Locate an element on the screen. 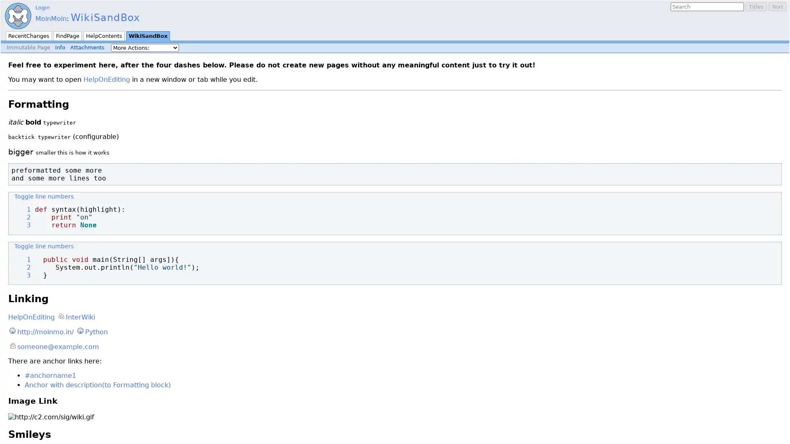 This screenshot has height=444, width=790. Text is located at coordinates (777, 7).